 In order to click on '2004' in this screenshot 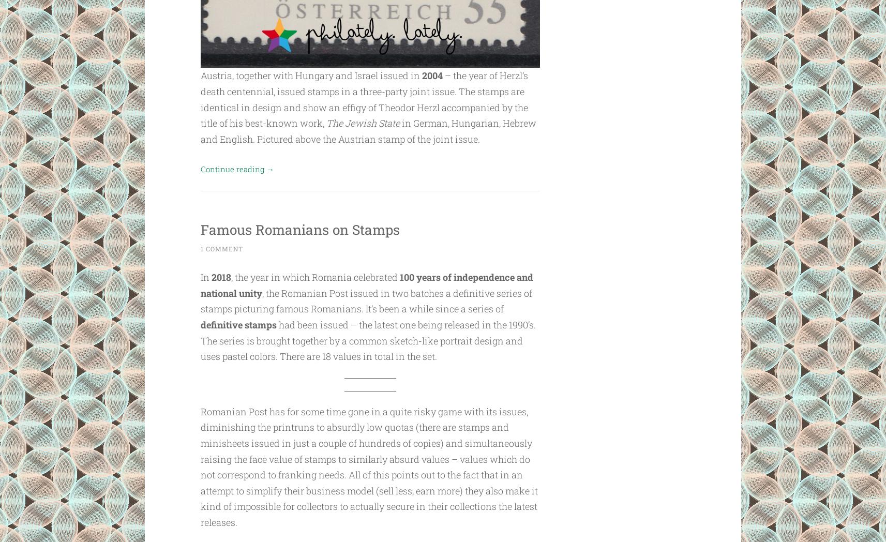, I will do `click(431, 75)`.